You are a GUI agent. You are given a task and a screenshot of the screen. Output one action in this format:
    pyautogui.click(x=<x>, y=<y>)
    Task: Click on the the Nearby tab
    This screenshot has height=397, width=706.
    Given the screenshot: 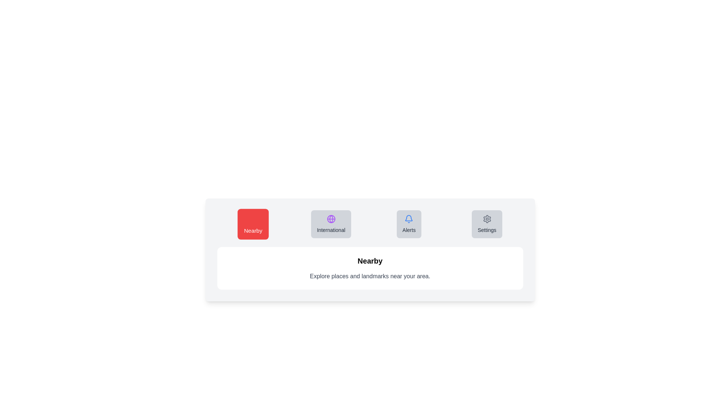 What is the action you would take?
    pyautogui.click(x=253, y=223)
    